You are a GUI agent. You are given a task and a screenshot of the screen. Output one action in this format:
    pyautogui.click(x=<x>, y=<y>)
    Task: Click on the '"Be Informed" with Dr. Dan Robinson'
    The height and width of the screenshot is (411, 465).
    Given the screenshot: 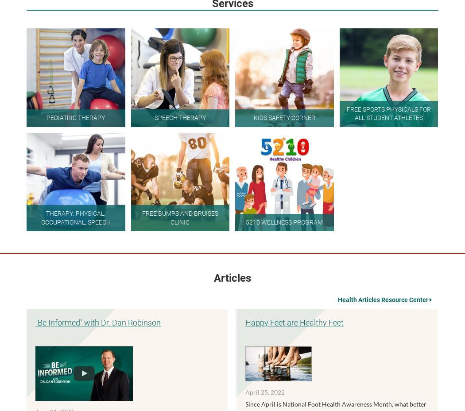 What is the action you would take?
    pyautogui.click(x=97, y=322)
    